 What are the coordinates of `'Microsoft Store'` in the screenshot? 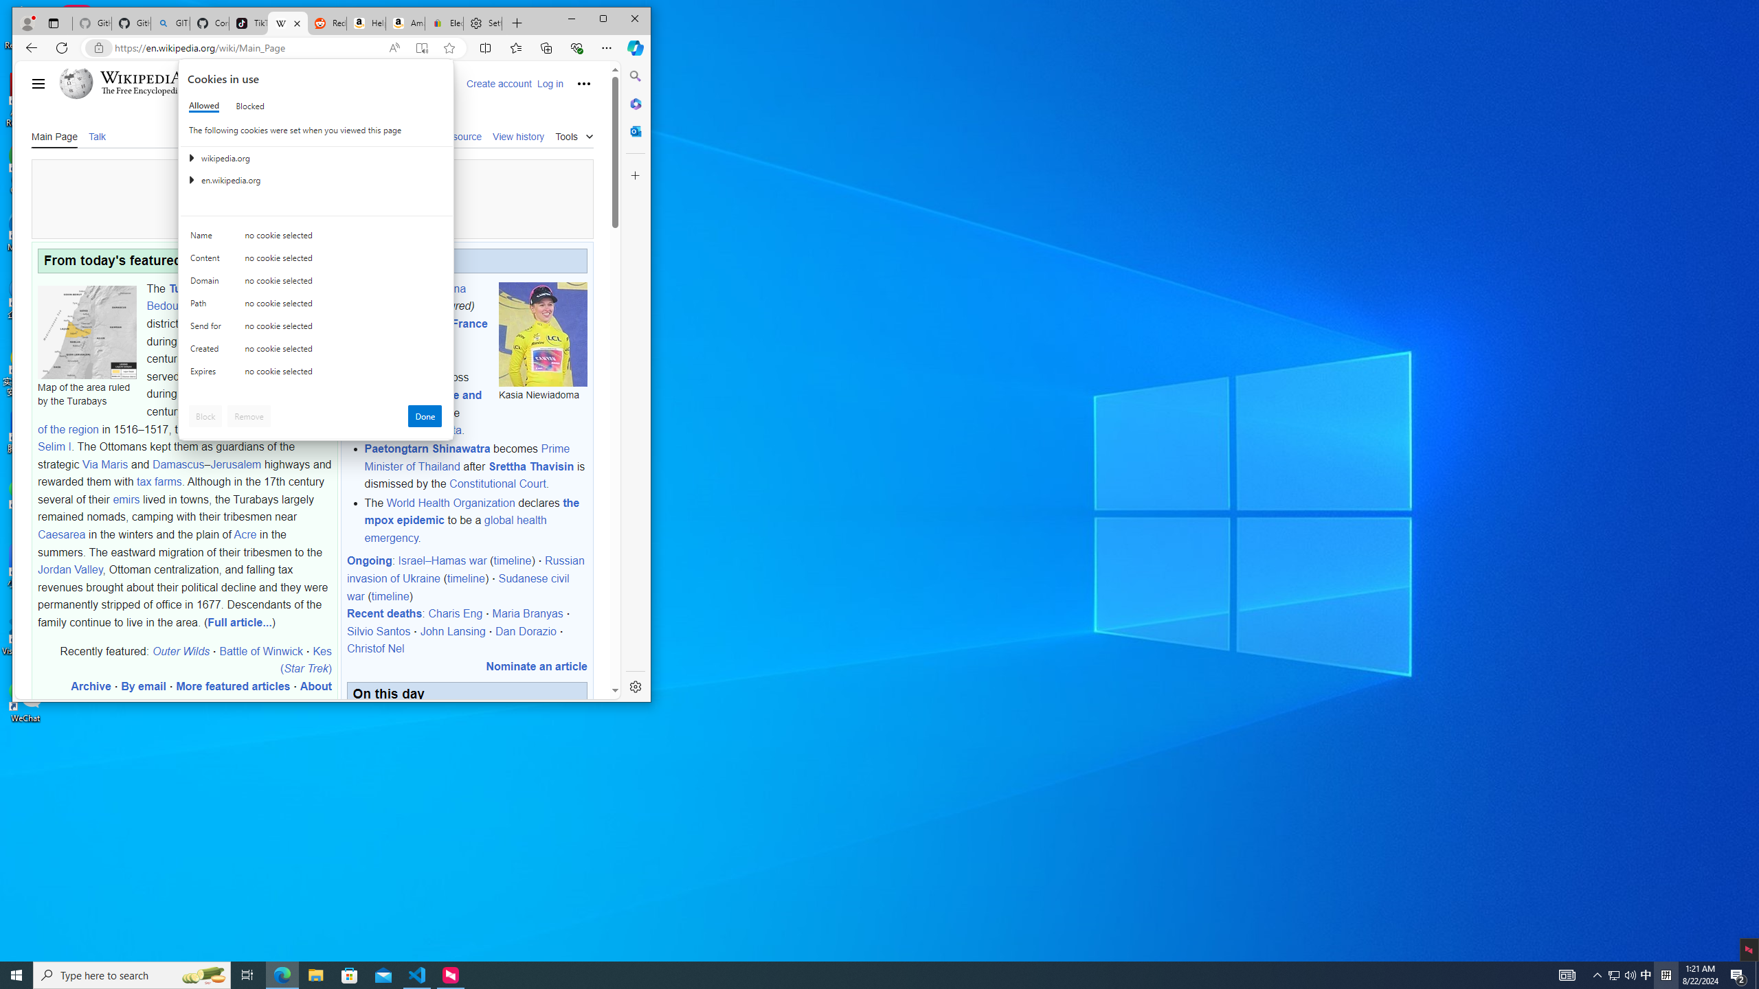 It's located at (350, 974).